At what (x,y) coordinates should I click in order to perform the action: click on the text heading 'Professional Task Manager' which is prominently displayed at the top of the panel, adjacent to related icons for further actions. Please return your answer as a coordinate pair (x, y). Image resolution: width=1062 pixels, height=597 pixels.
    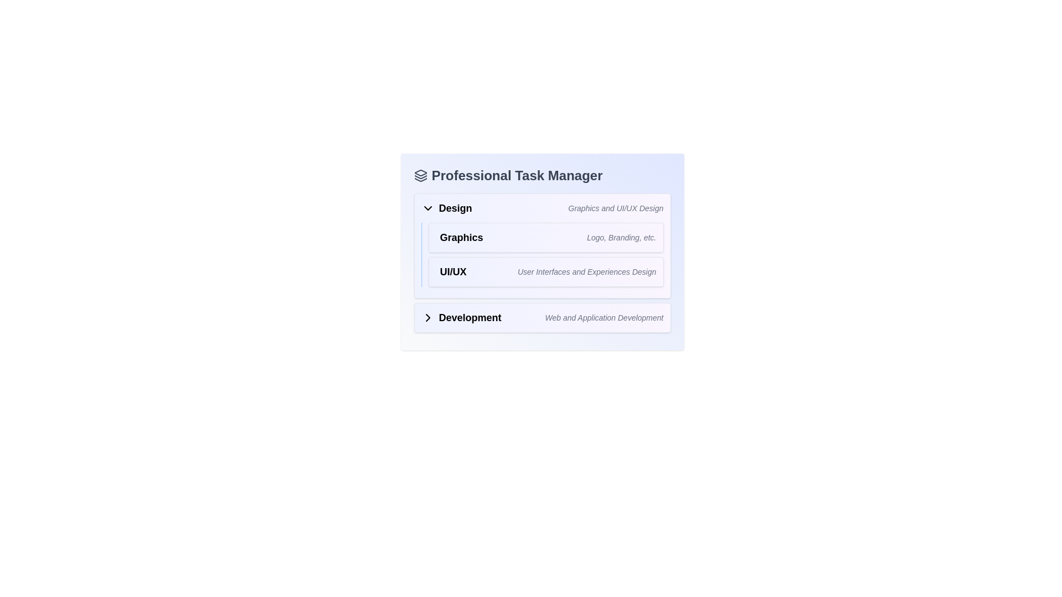
    Looking at the image, I should click on (542, 175).